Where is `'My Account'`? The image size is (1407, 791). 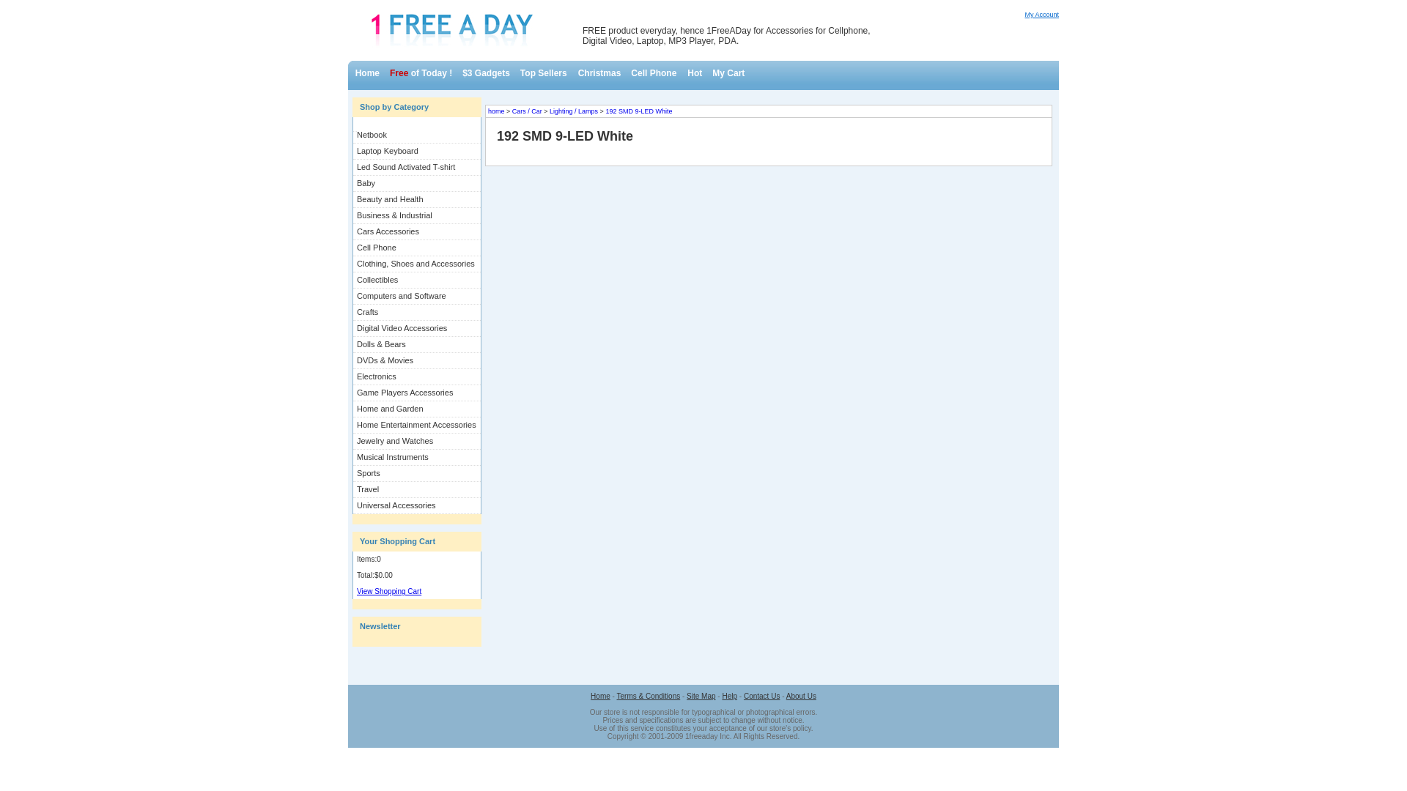 'My Account' is located at coordinates (1041, 14).